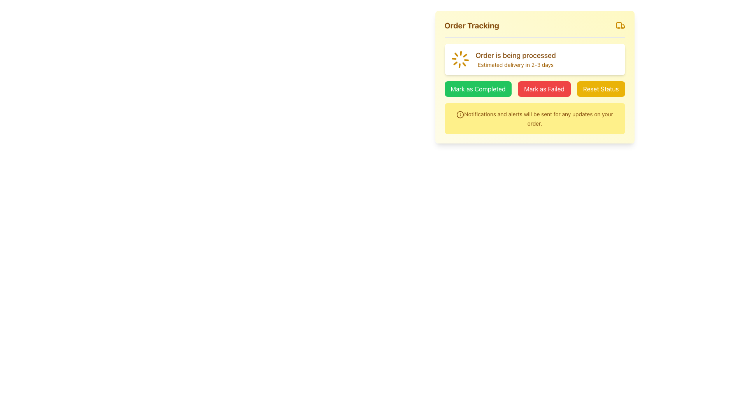 This screenshot has height=420, width=747. I want to click on the reset button located to the right of the 'Mark as Failed' button, so click(600, 88).